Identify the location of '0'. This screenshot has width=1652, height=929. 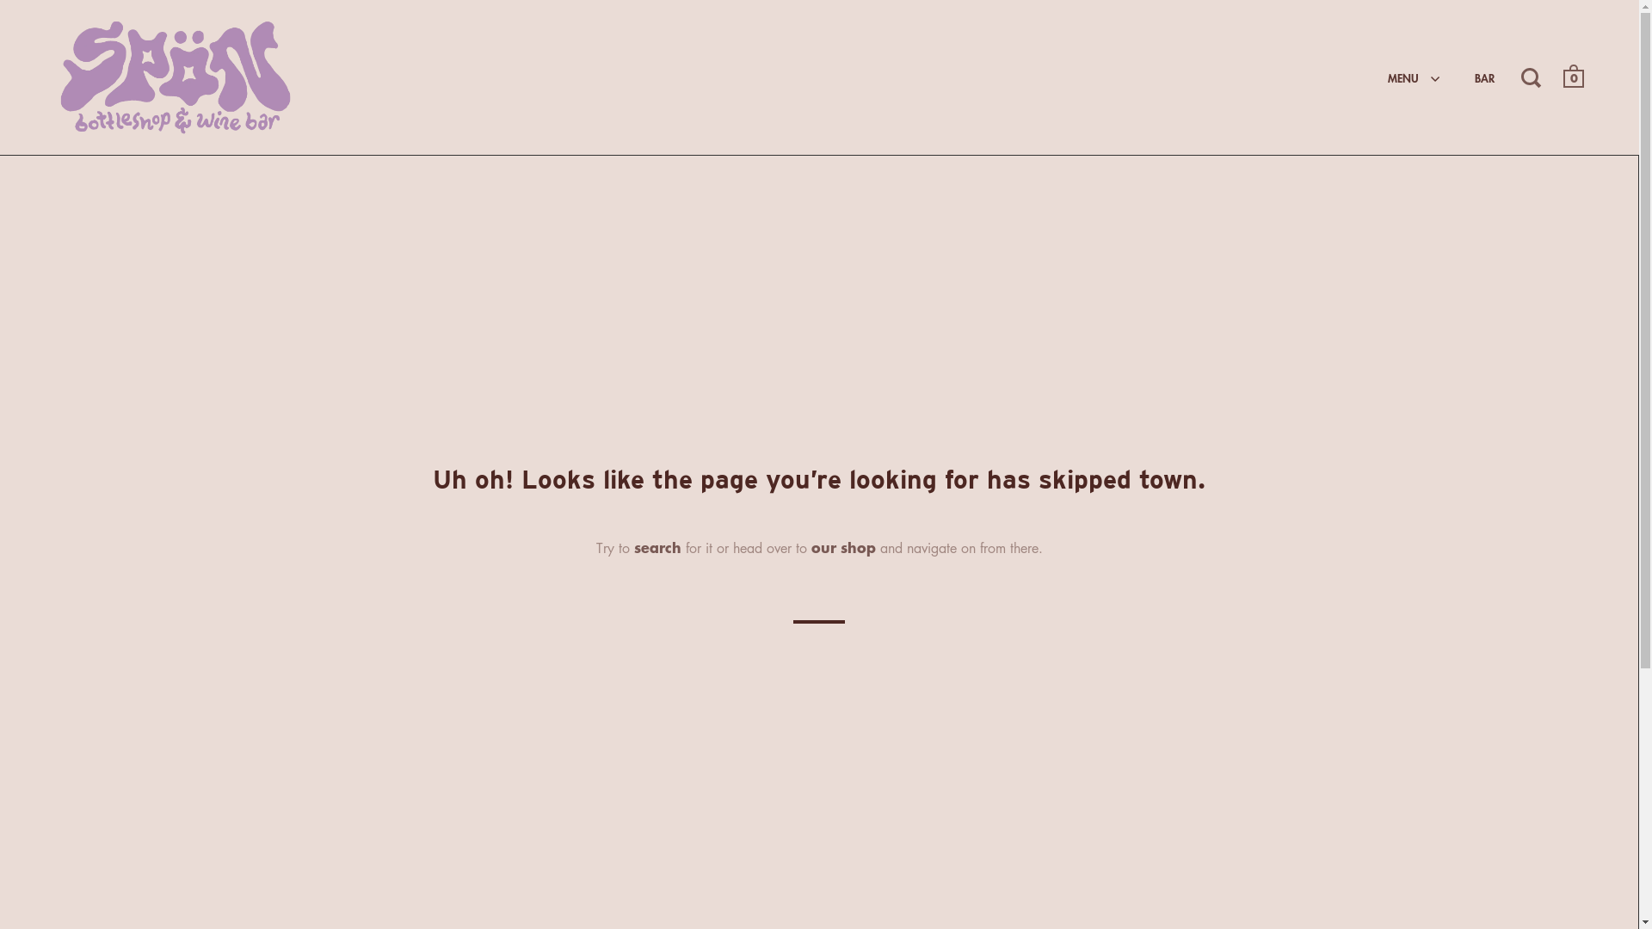
(1573, 78).